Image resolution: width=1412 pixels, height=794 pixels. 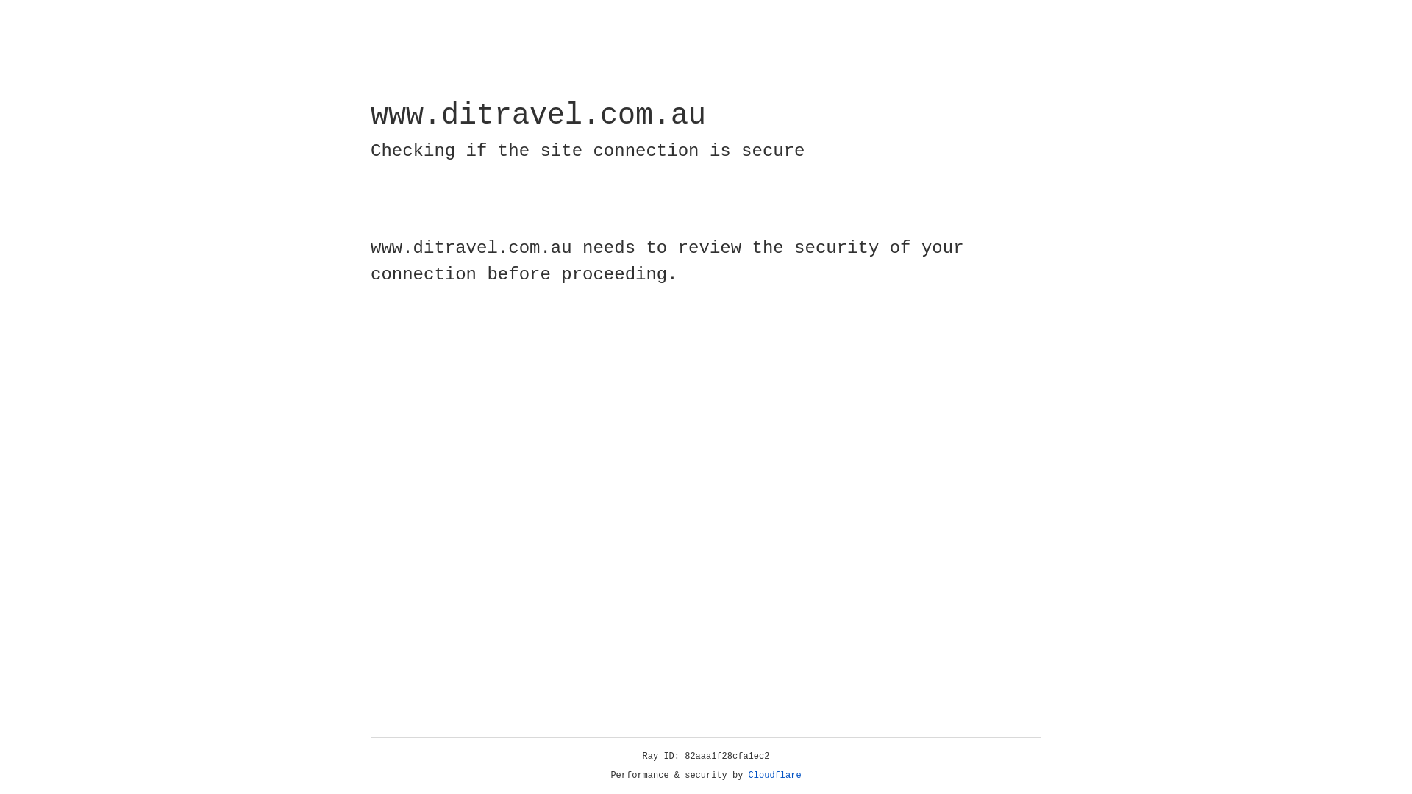 I want to click on 'Cloudflare', so click(x=774, y=775).